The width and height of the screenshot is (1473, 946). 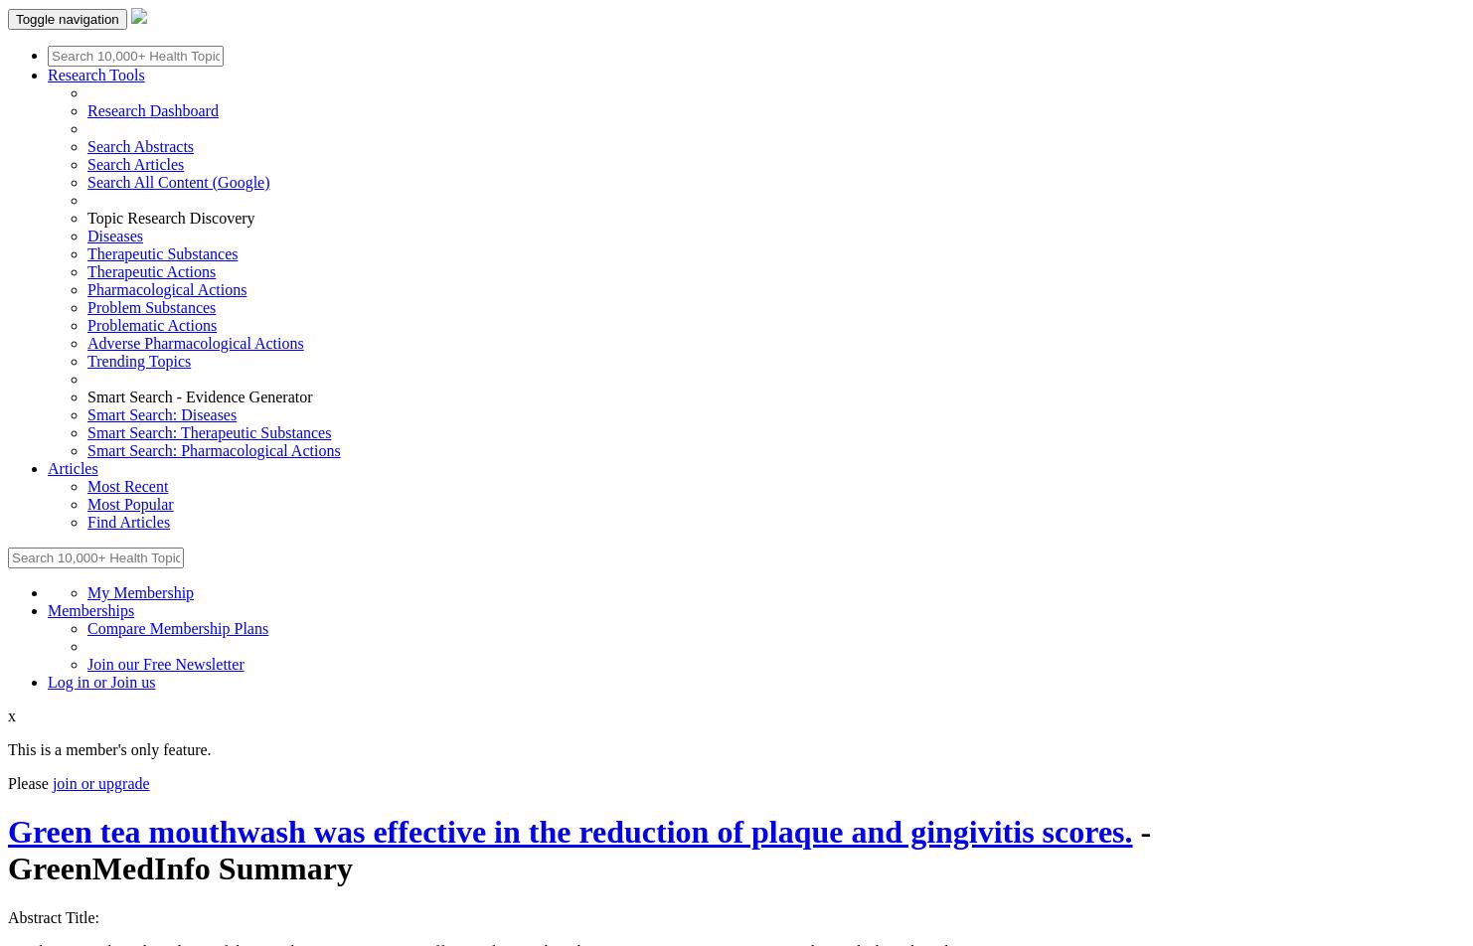 I want to click on 'Research Dashboard', so click(x=87, y=110).